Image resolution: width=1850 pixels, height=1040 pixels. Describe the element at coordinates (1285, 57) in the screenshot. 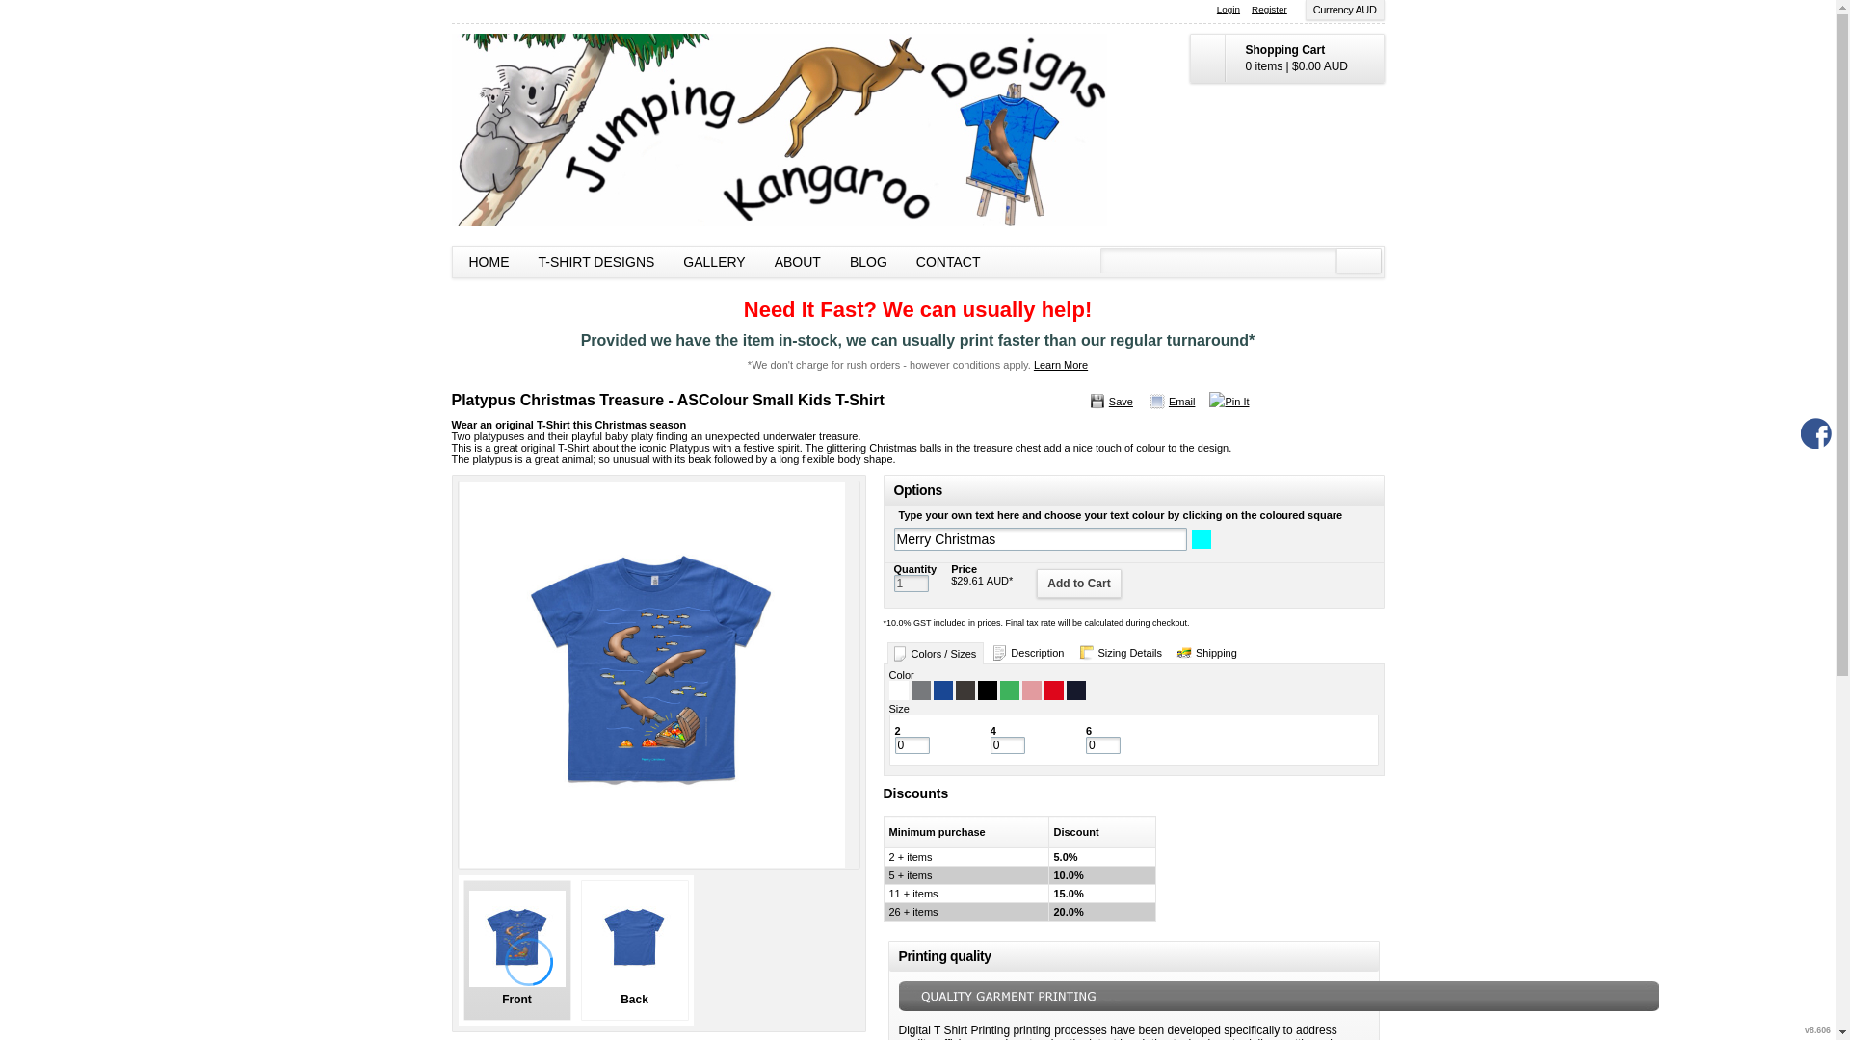

I see `'Shopping Cart` at that location.